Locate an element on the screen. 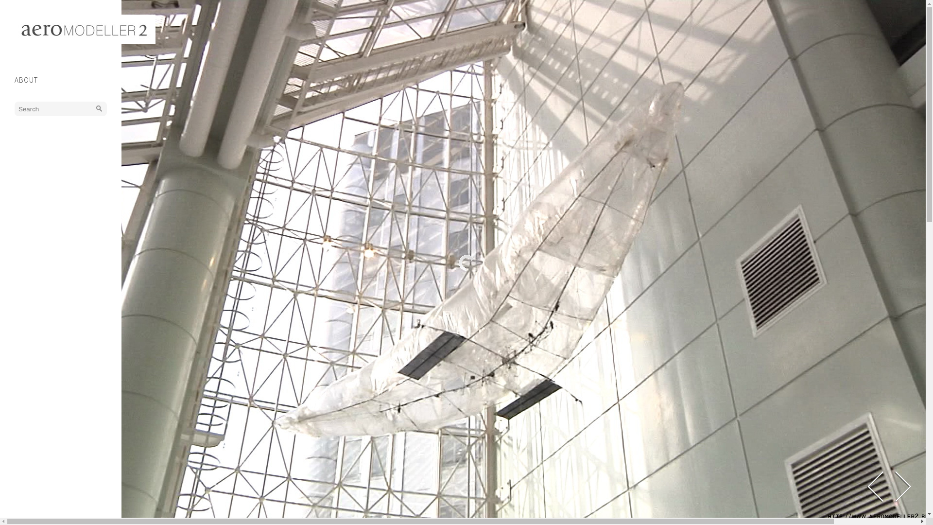  'ABOUT' is located at coordinates (14, 79).